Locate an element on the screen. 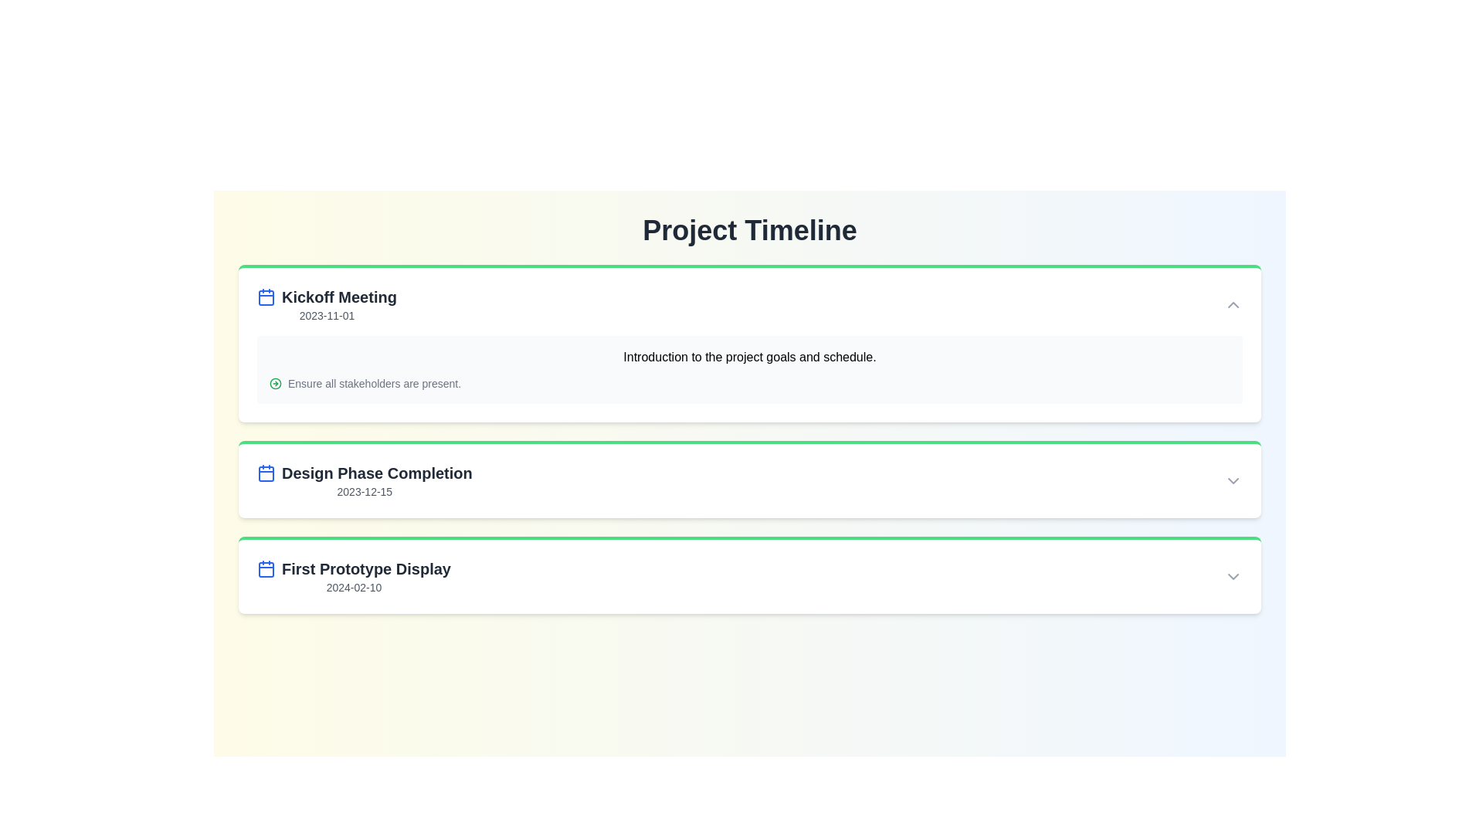 The height and width of the screenshot is (834, 1483). the dropdown toggle button represented by a downward arrow icon is located at coordinates (1233, 480).